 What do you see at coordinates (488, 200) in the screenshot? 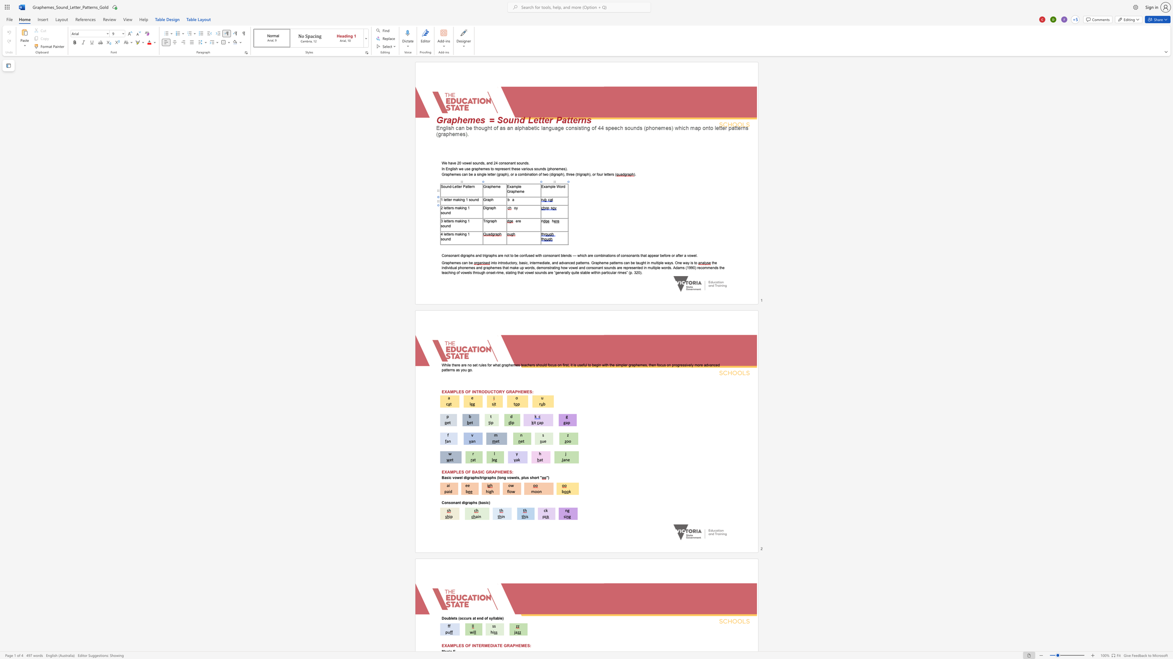
I see `the 1th character "a" in the text` at bounding box center [488, 200].